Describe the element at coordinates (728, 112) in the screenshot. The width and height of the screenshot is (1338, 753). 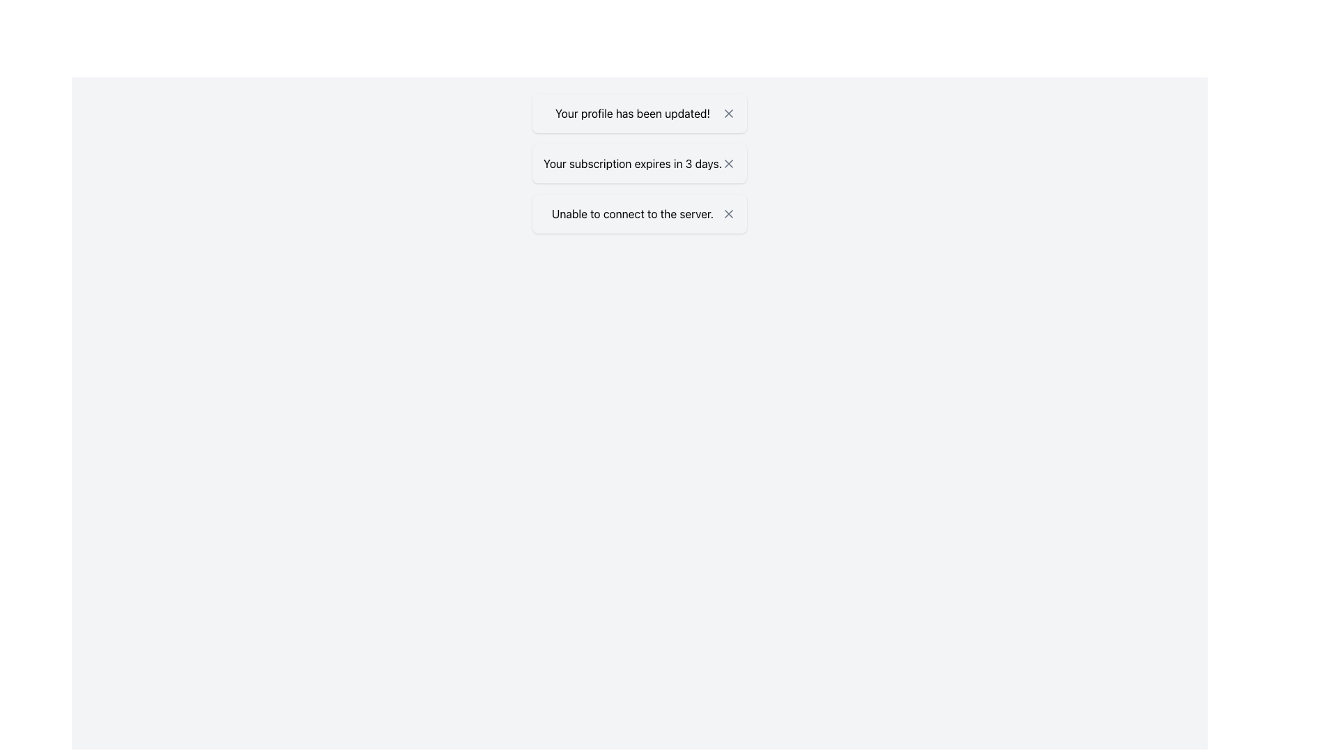
I see `the small cross-shaped icon (gray 'X')` at that location.